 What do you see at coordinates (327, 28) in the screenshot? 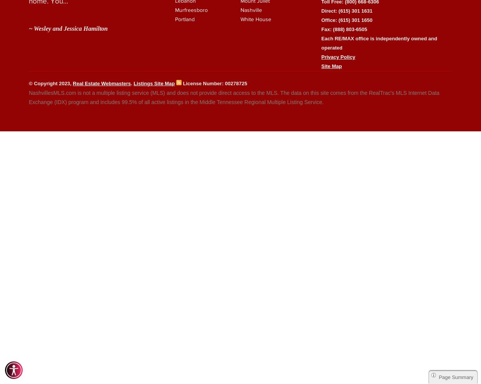
I see `'Fax:'` at bounding box center [327, 28].